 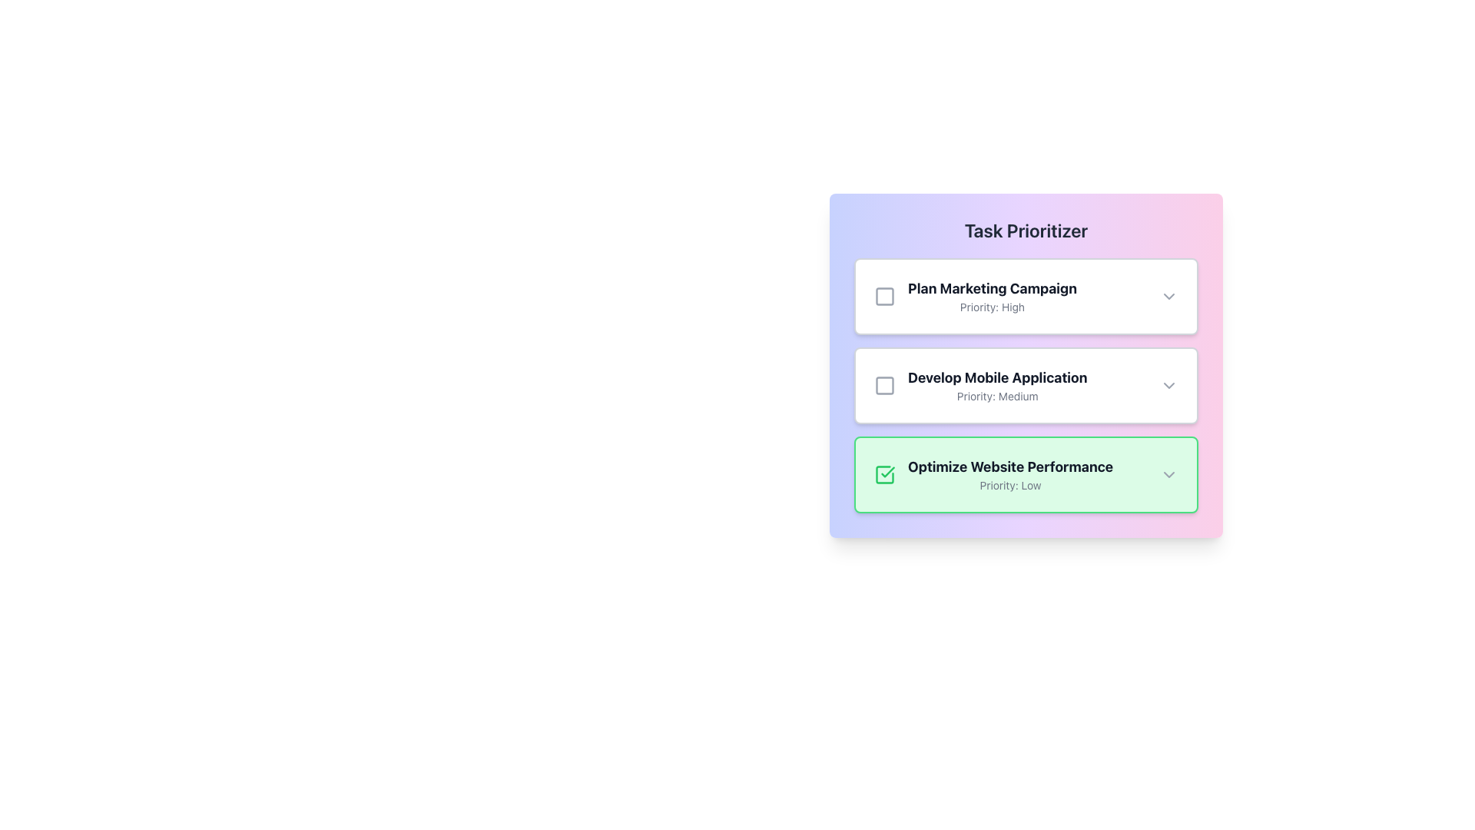 I want to click on the checkbox icon, which is a rounded rectangle with a 2-pixel border, located to the left of the text 'Develop Mobile Application', so click(x=885, y=384).